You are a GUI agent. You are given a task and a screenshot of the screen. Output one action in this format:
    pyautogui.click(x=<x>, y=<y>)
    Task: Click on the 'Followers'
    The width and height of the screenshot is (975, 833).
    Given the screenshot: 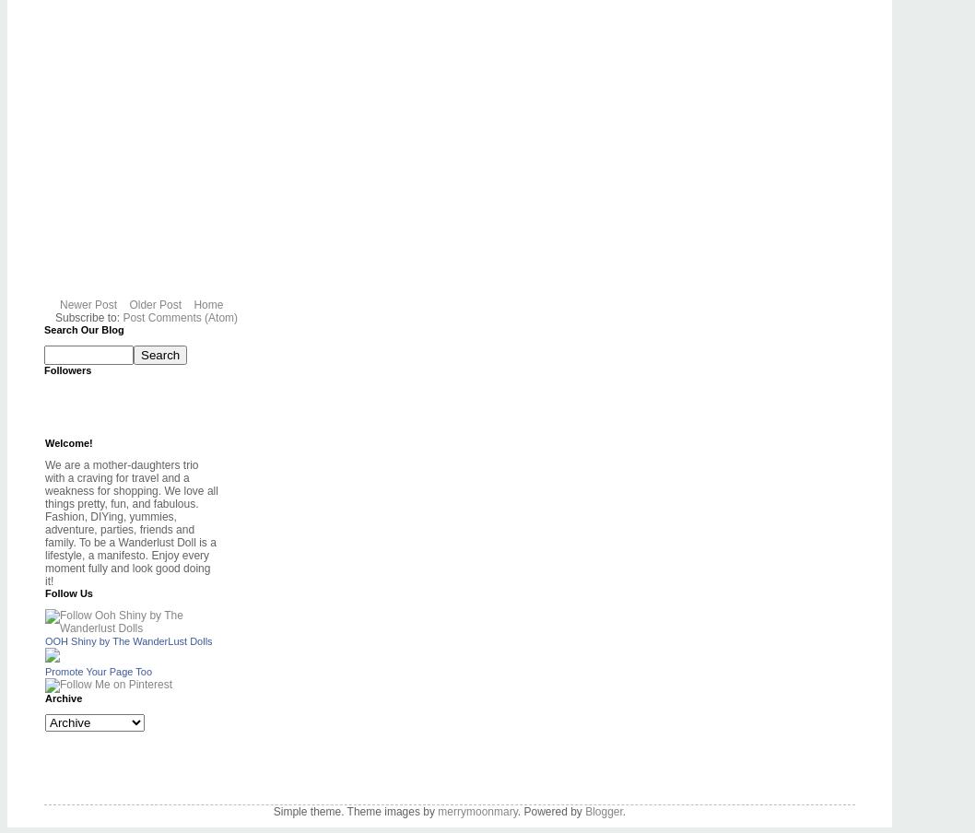 What is the action you would take?
    pyautogui.click(x=67, y=370)
    